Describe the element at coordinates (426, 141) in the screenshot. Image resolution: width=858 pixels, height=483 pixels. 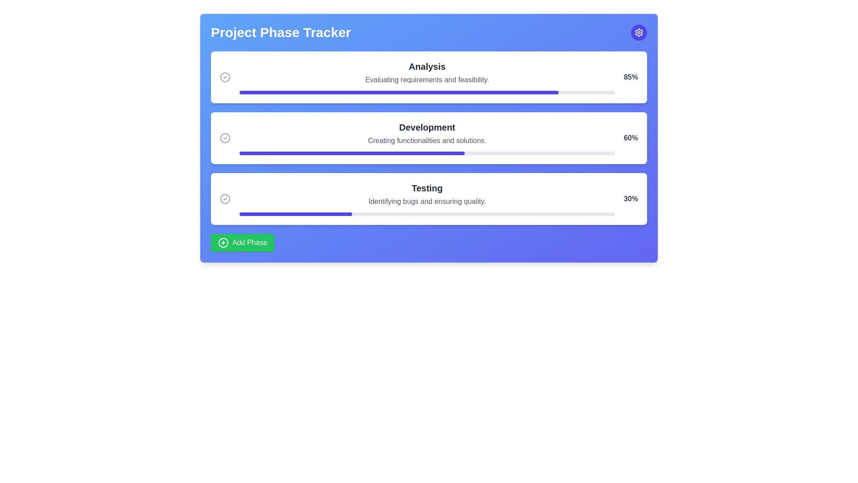
I see `the static text label that provides a descriptive subtitle or explanation for the 'Development' section, positioned below the 'Development' header and above the progress bar` at that location.